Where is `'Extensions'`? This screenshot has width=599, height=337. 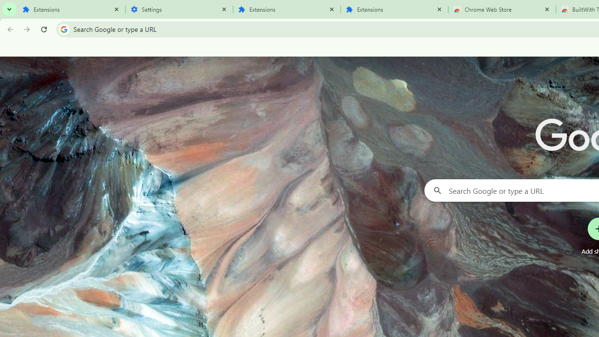
'Extensions' is located at coordinates (394, 9).